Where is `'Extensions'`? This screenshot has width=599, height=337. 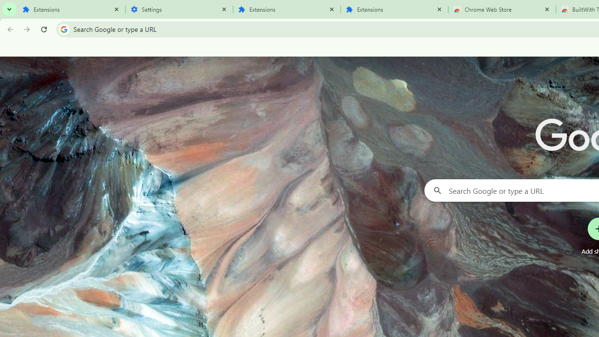
'Extensions' is located at coordinates (394, 9).